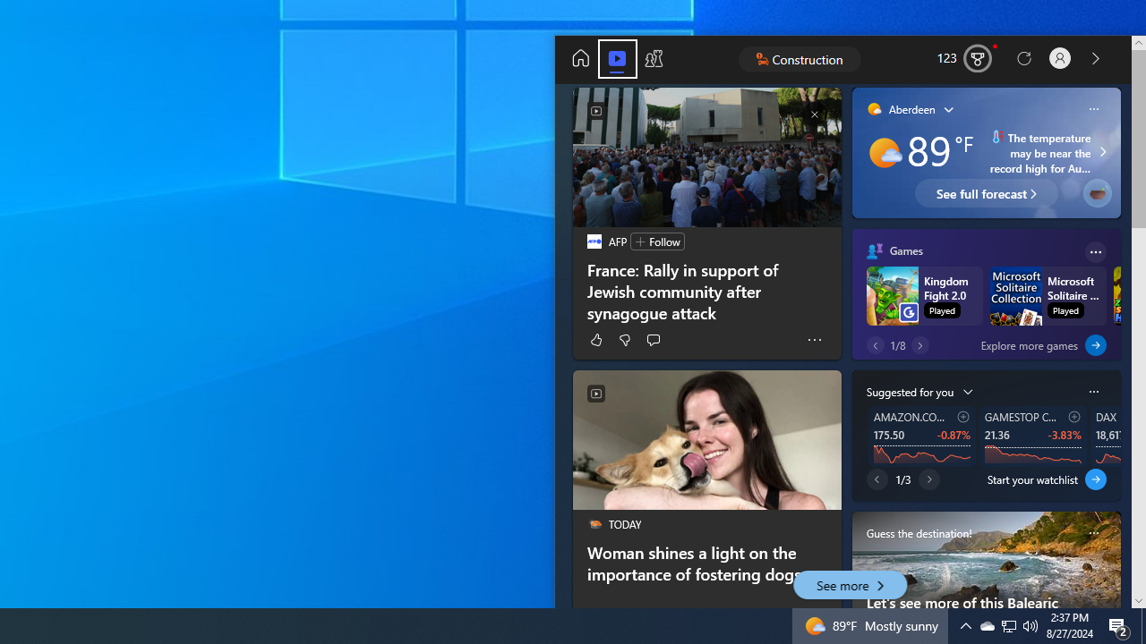 This screenshot has height=644, width=1146. Describe the element at coordinates (1009, 624) in the screenshot. I see `'Notification Chevron'` at that location.